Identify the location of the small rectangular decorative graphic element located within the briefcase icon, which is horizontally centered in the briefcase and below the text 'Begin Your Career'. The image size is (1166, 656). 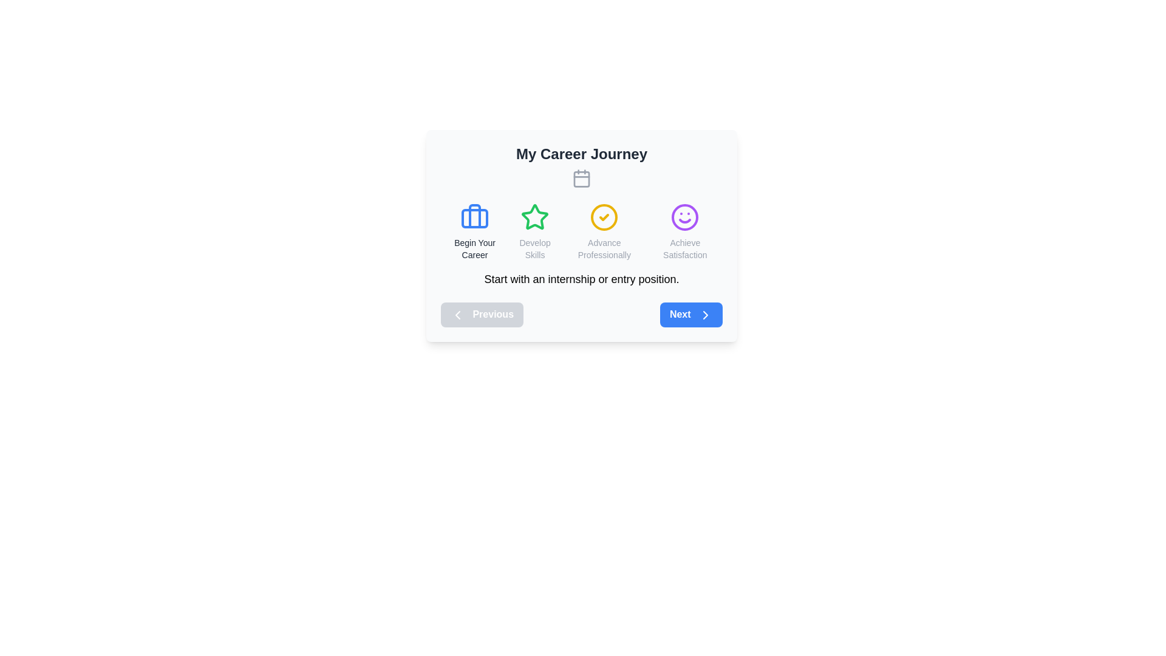
(474, 217).